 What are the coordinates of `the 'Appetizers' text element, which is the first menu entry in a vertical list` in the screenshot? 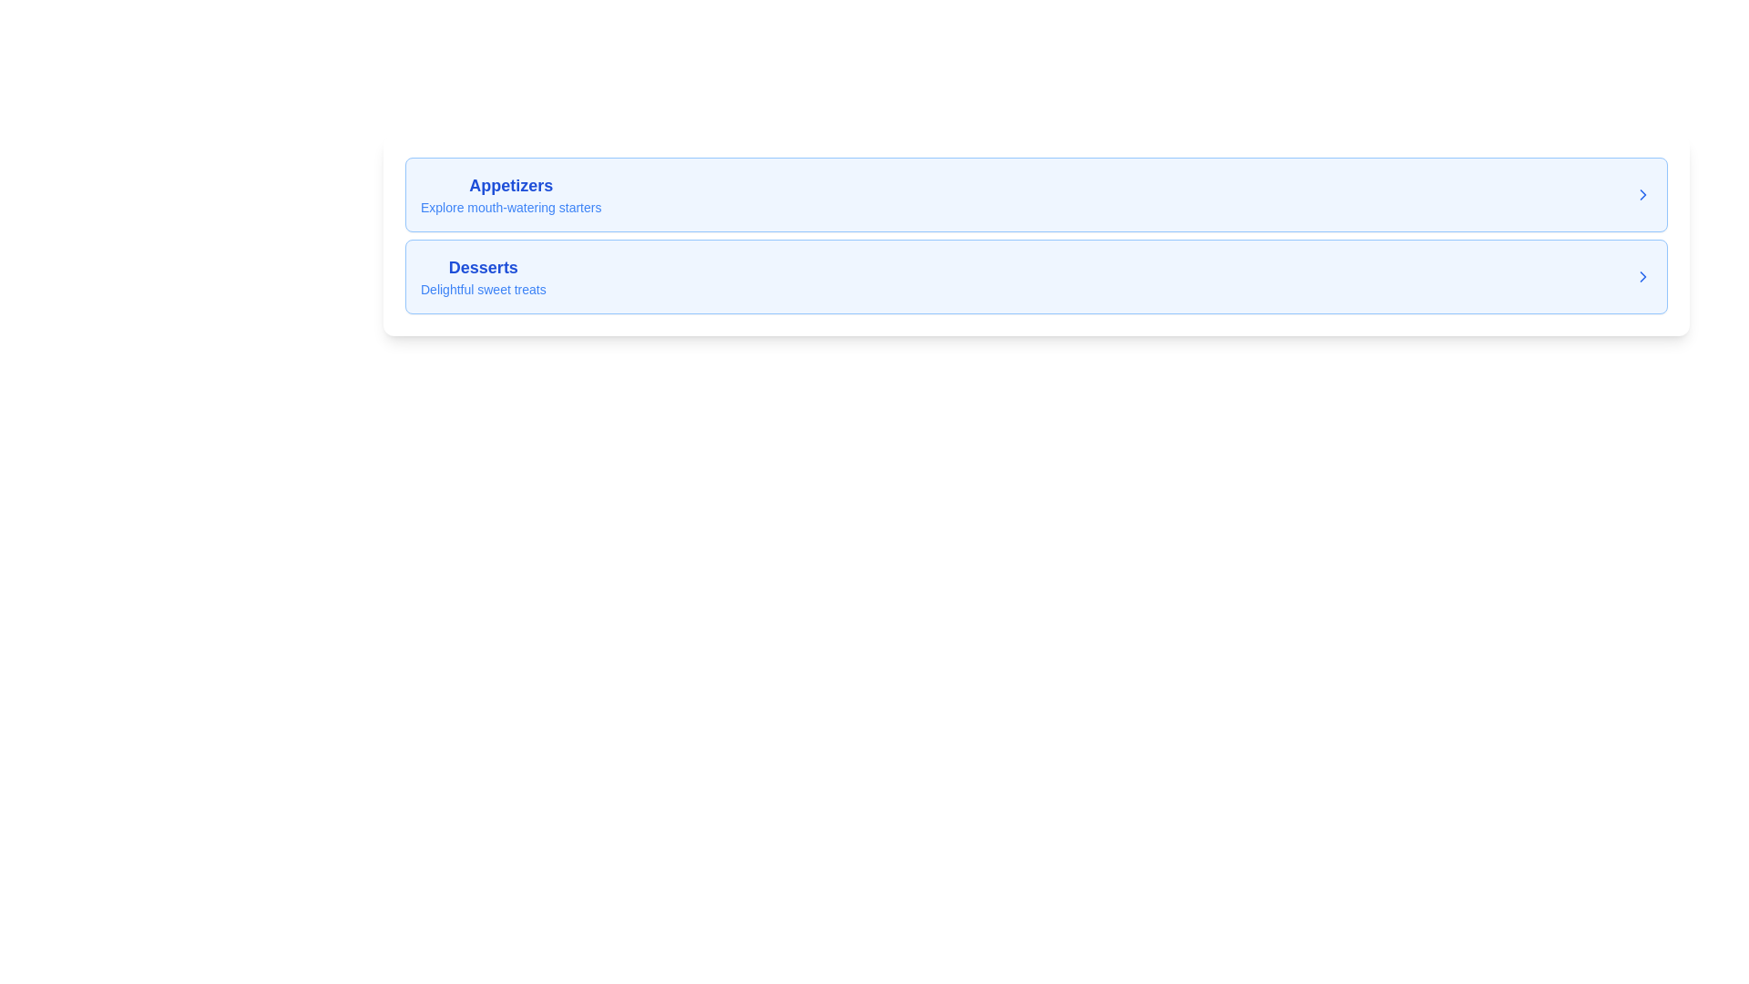 It's located at (510, 194).